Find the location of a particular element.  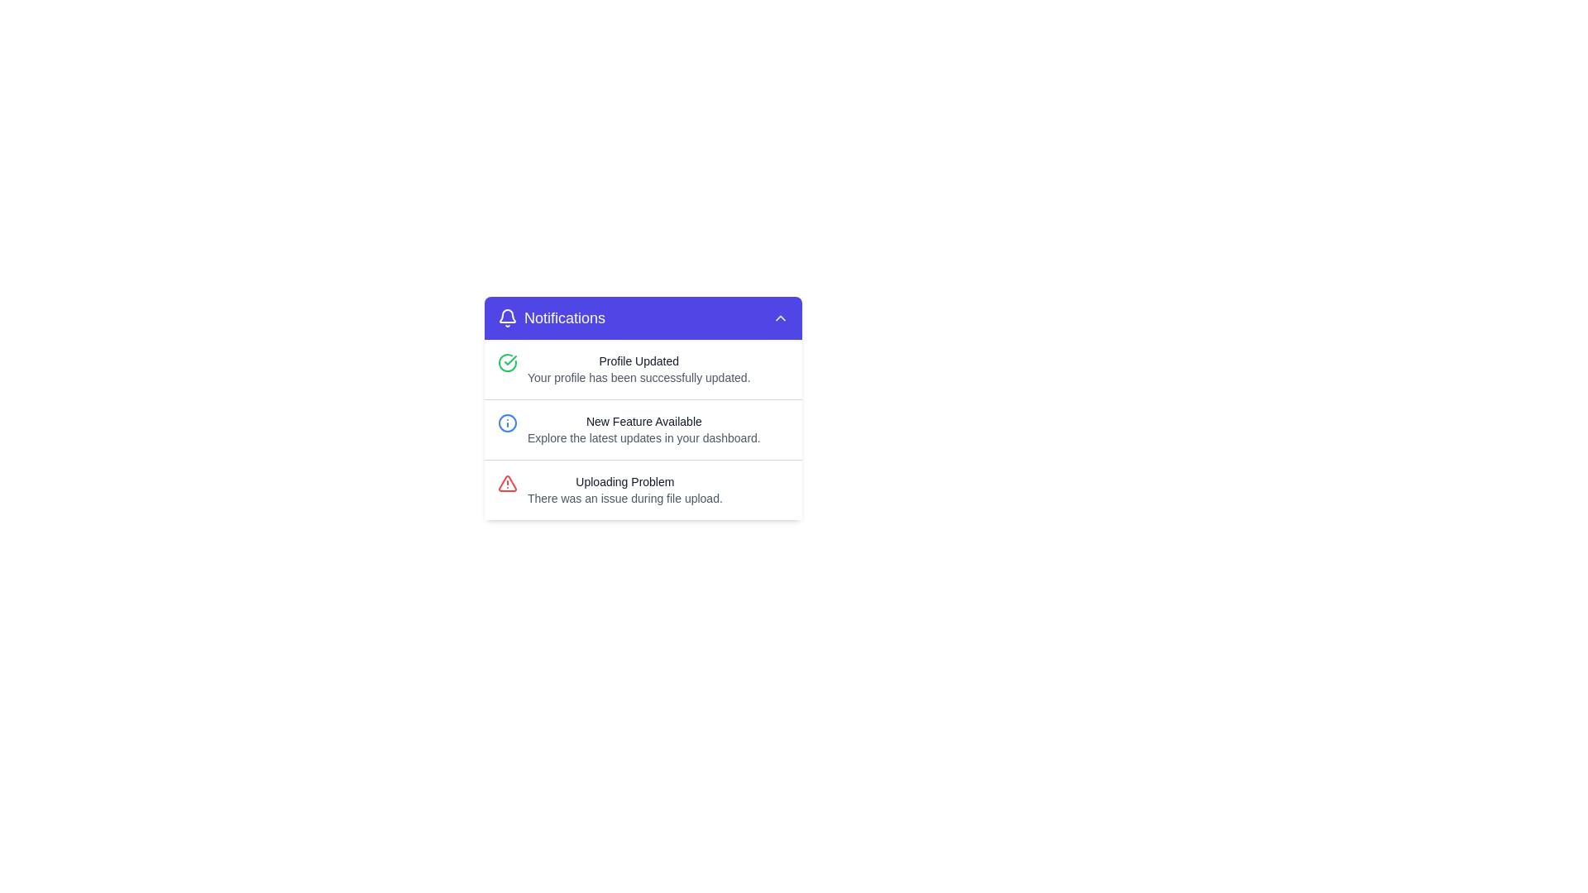

the warning icon located to the far left of the 'Uploading Problem' text in the notification list to indicate the error message is located at coordinates (507, 484).